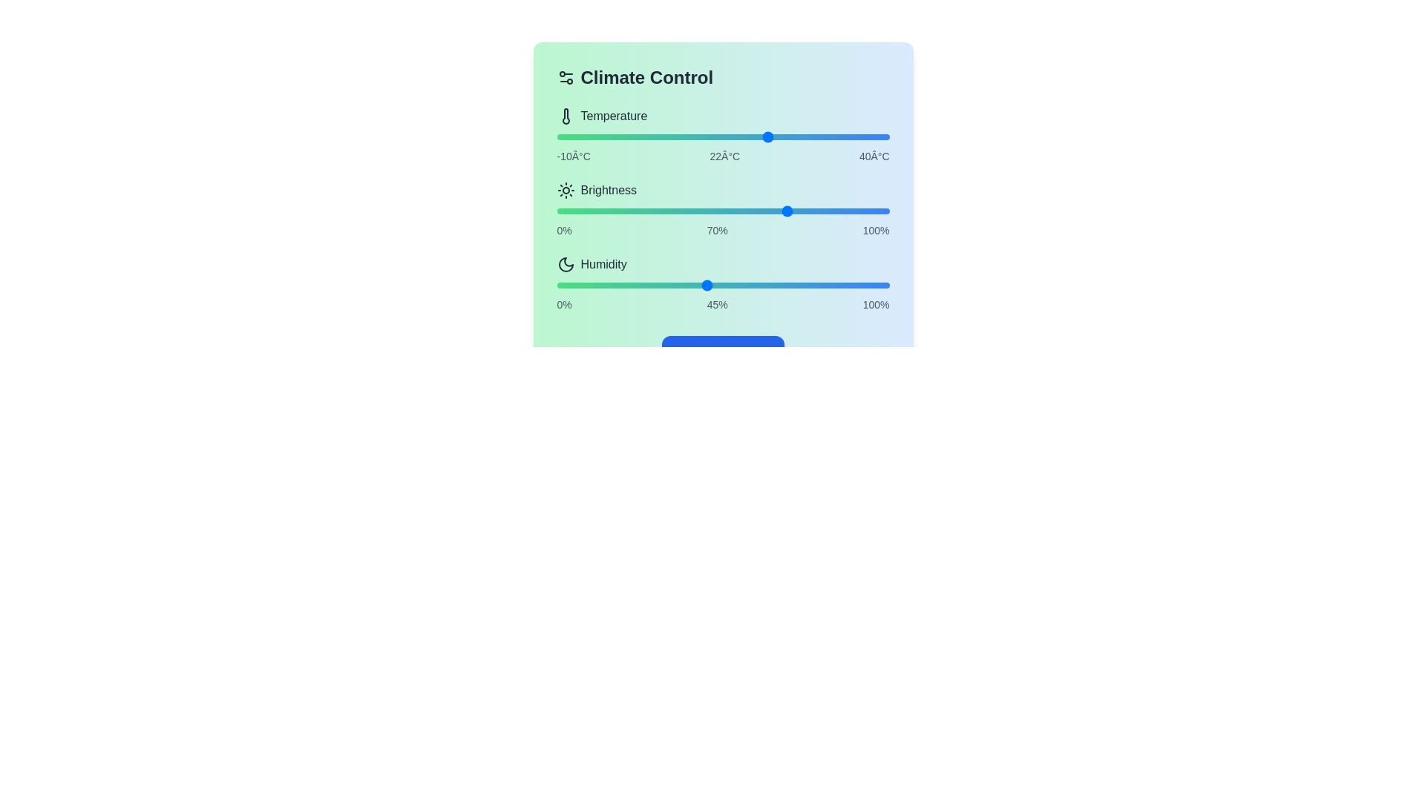  What do you see at coordinates (723, 231) in the screenshot?
I see `the Label group that provides visual guidance for the brightness slider, indicating minimum, current, and maximum values (0%, 70%, 100%) in the 'Brightness' section of the 'Climate Control' interface` at bounding box center [723, 231].